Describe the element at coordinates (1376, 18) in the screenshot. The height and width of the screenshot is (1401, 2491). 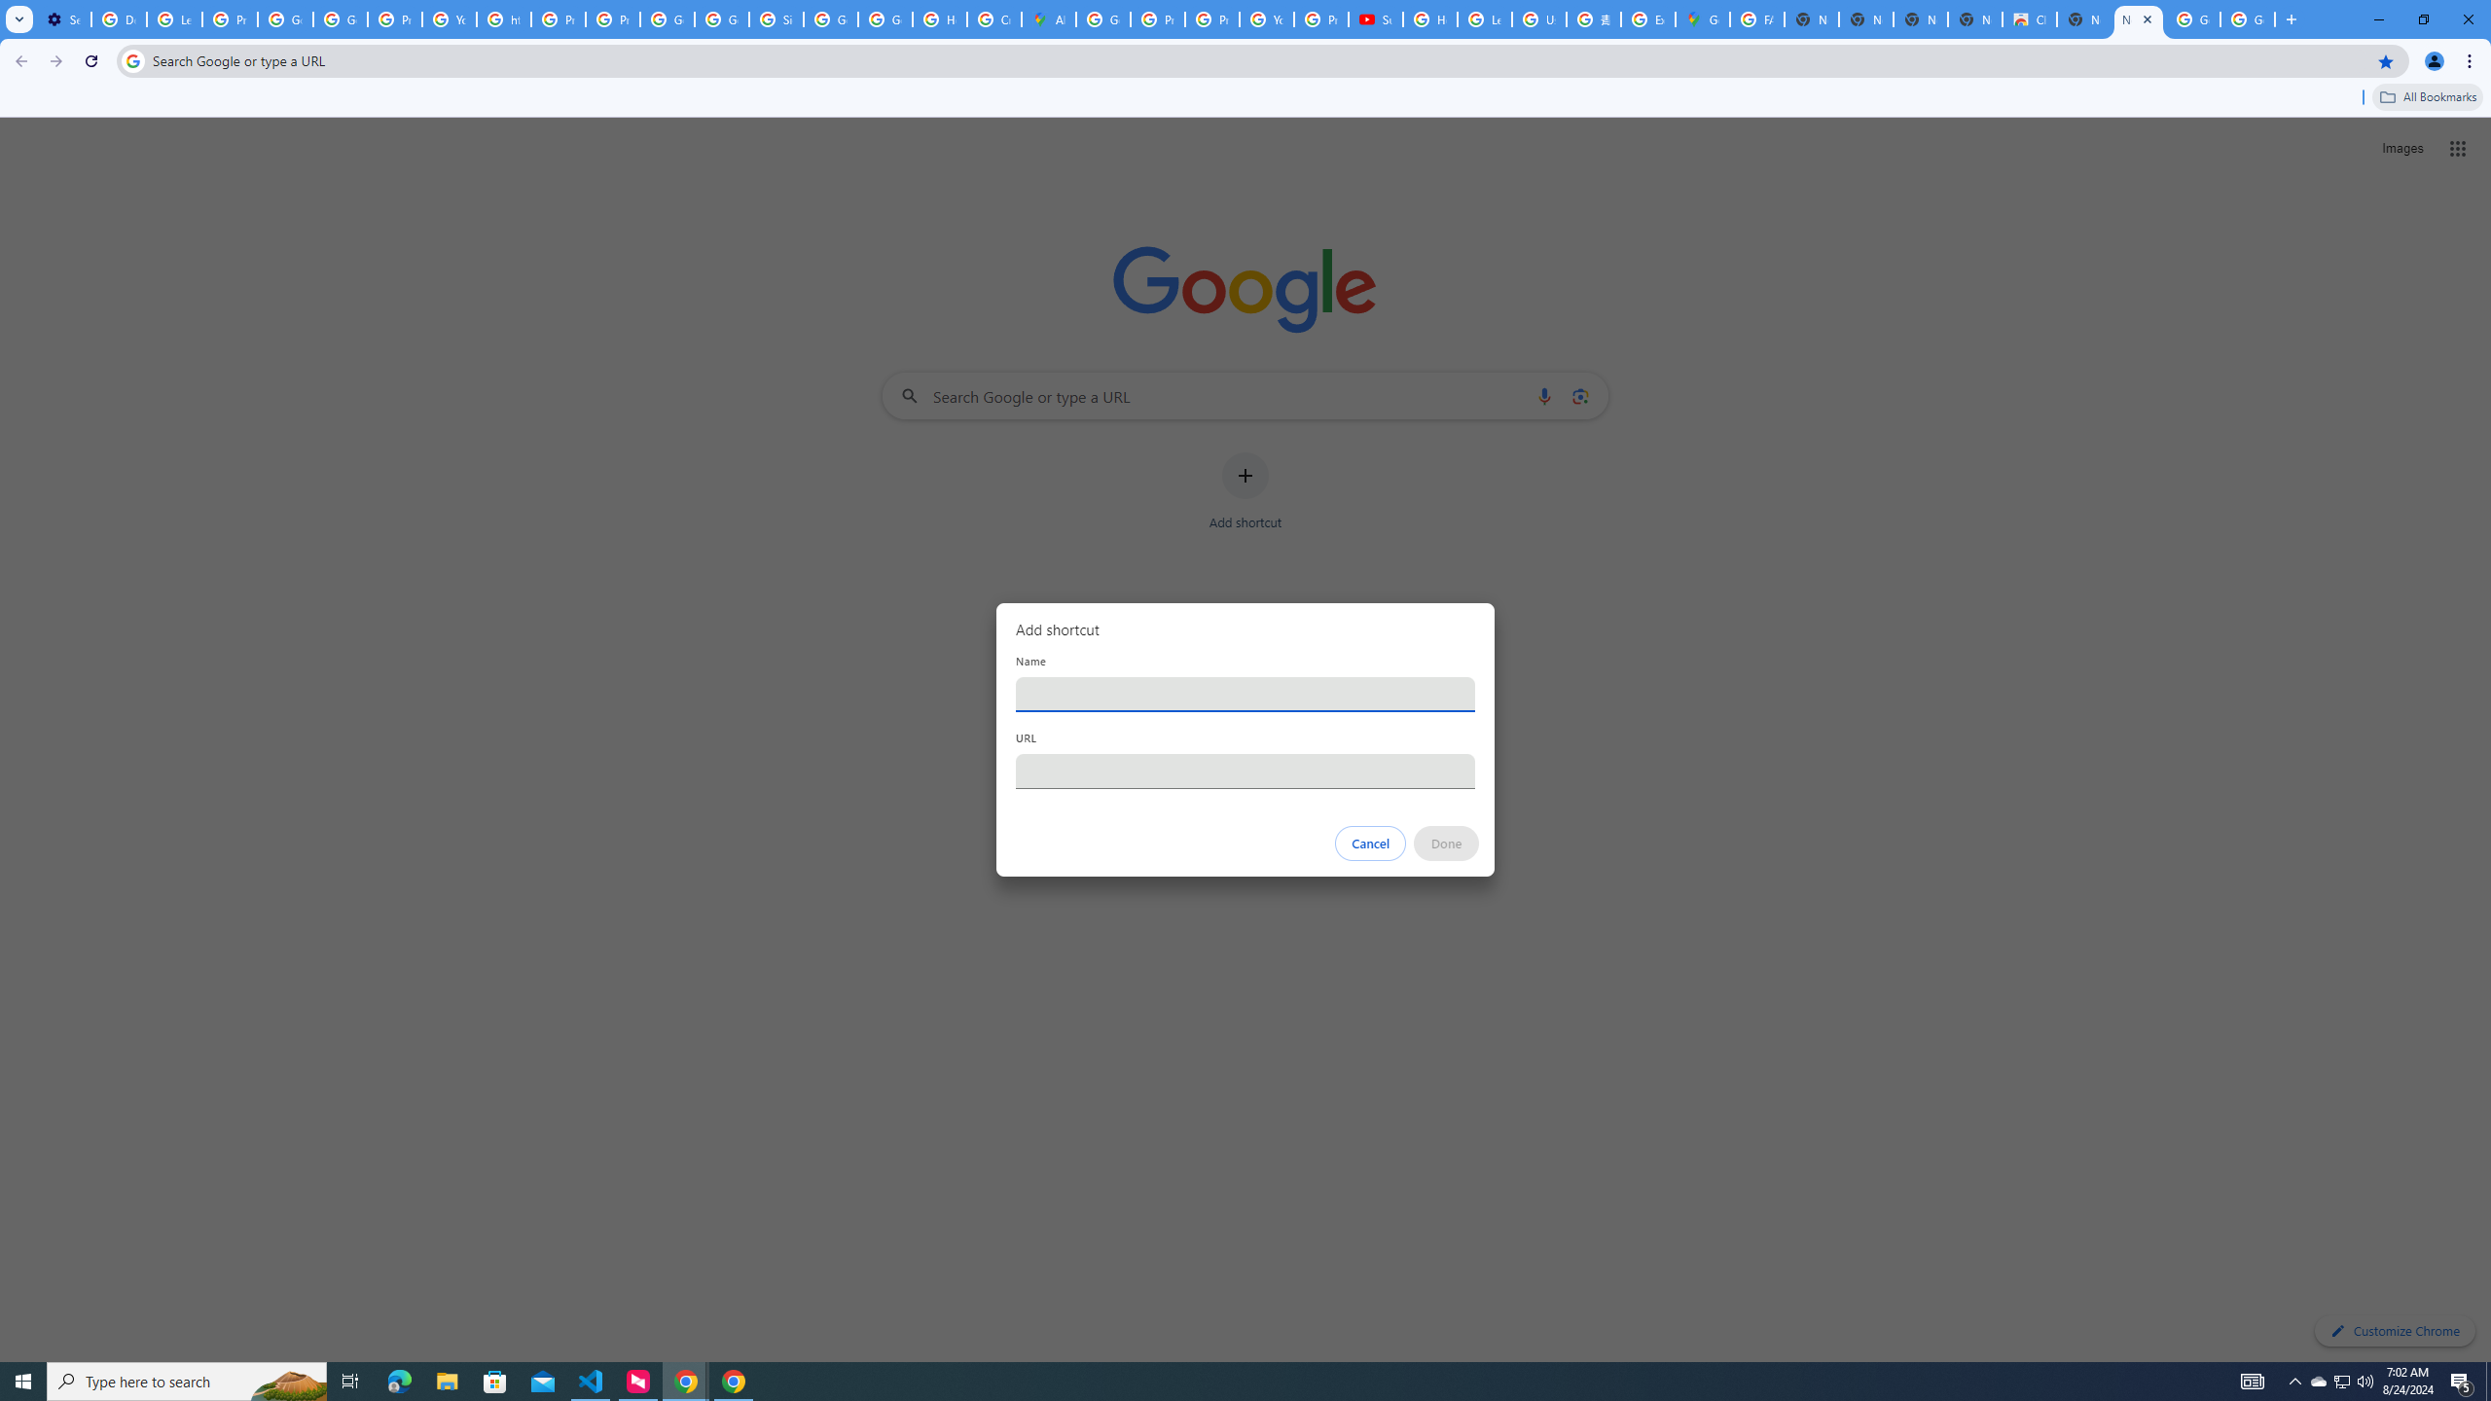
I see `'Subscriptions - YouTube'` at that location.